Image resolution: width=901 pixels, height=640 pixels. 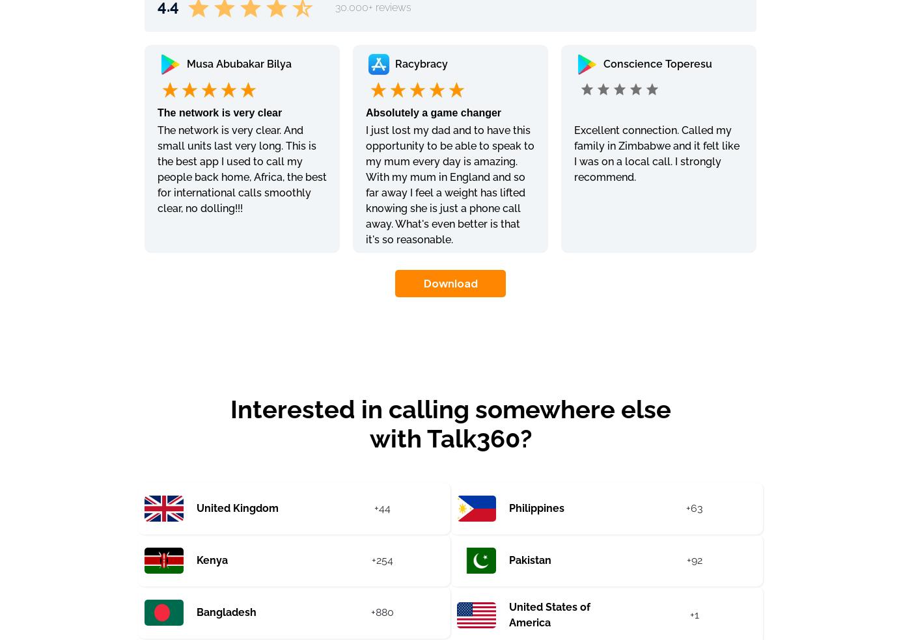 I want to click on 'Musa Abubakar Bilya', so click(x=238, y=63).